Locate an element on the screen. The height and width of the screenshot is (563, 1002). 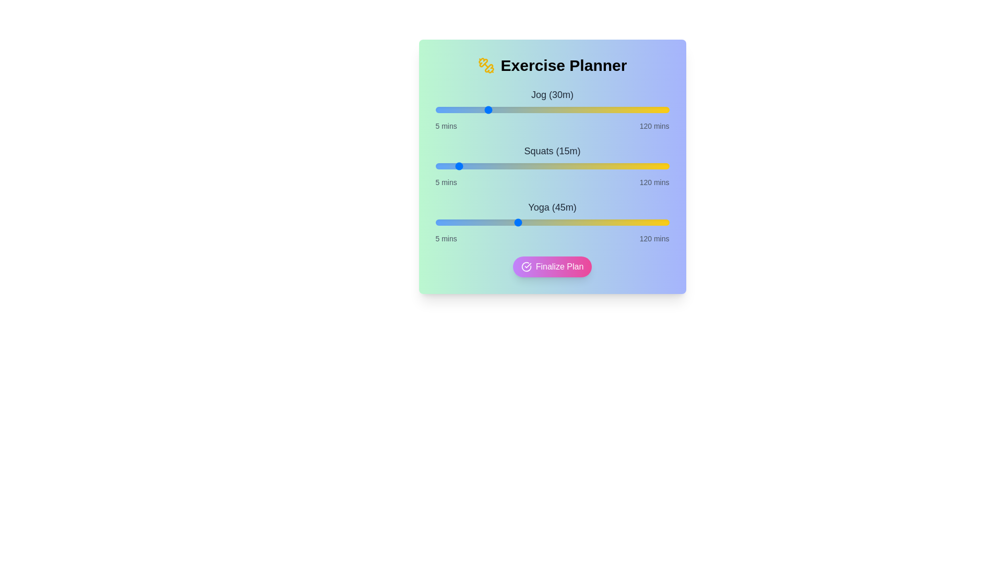
the duration of the 1 slider to 54 minutes is located at coordinates (535, 166).